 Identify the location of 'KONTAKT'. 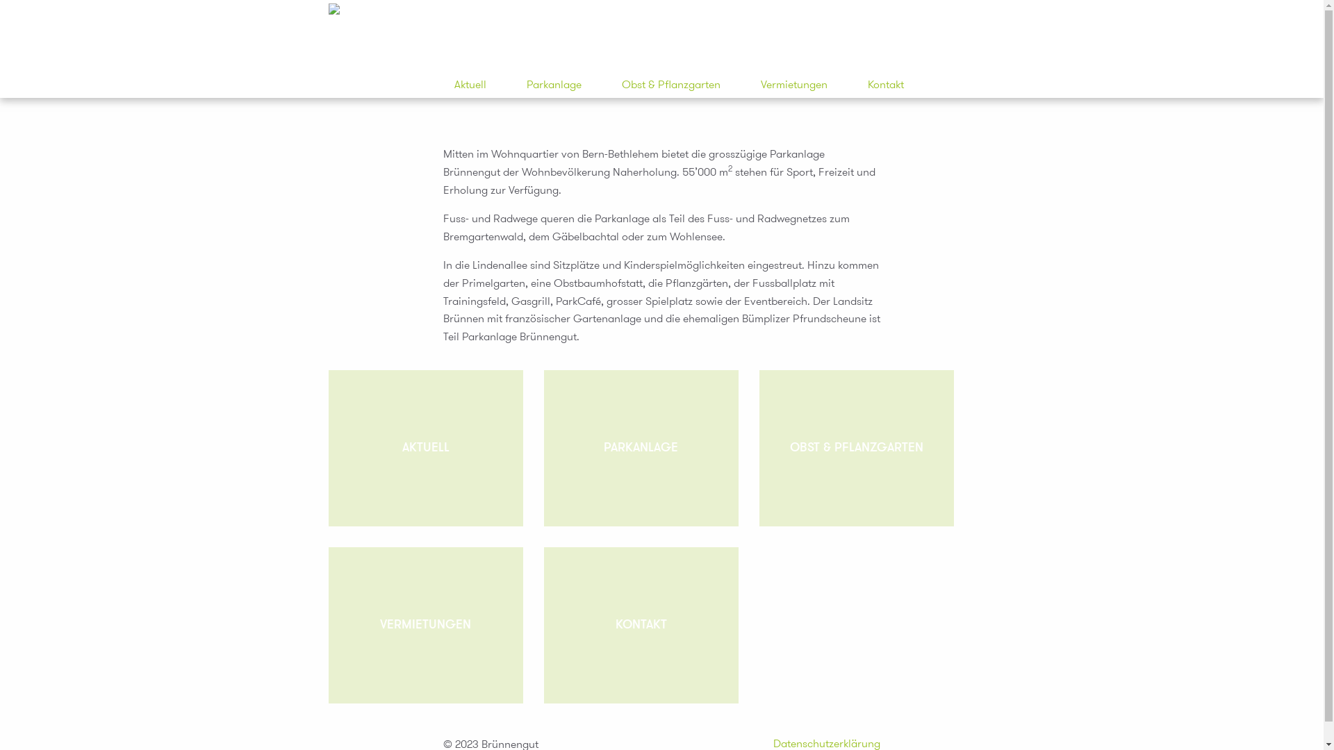
(639, 625).